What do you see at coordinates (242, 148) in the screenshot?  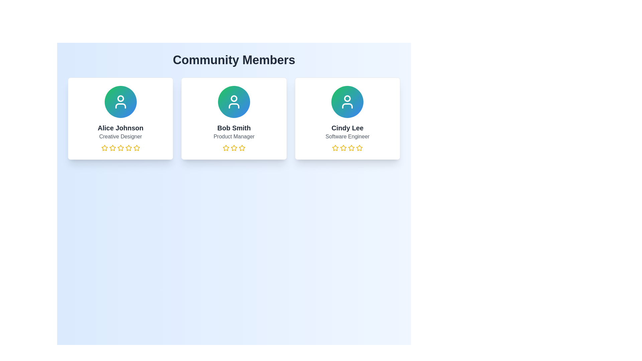 I see `the yellow star-shaped icon used for ratings` at bounding box center [242, 148].